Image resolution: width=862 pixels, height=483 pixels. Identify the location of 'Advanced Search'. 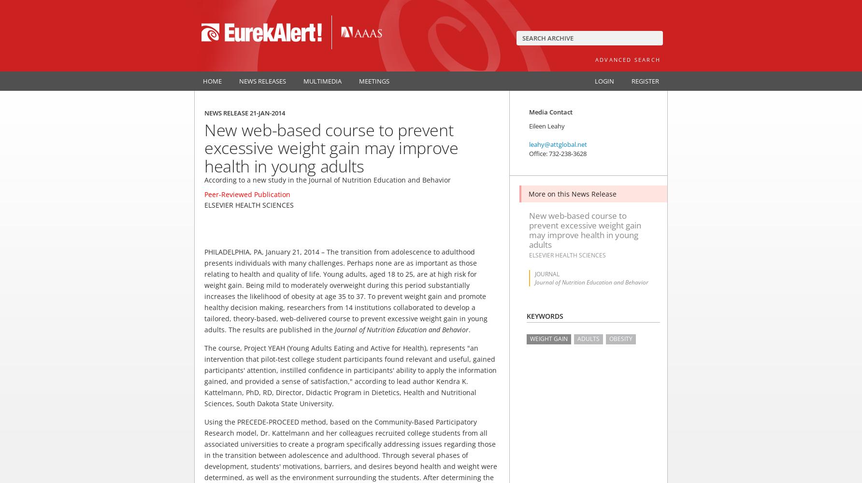
(595, 59).